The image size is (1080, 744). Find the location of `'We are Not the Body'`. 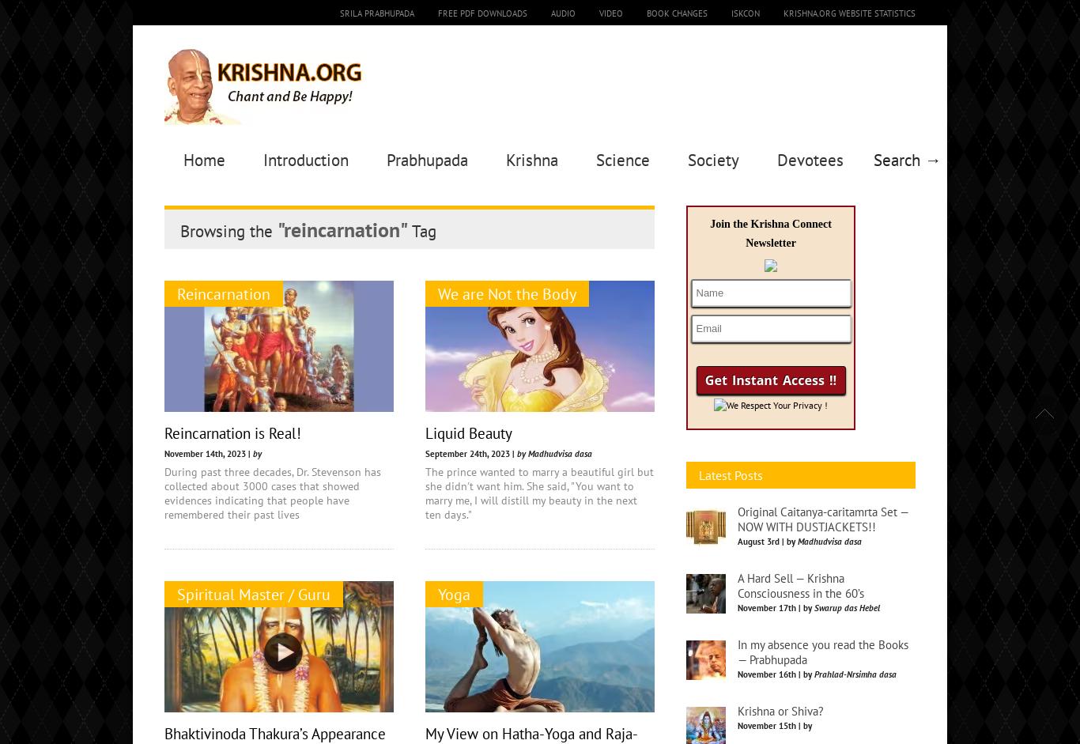

'We are Not the Body' is located at coordinates (506, 293).